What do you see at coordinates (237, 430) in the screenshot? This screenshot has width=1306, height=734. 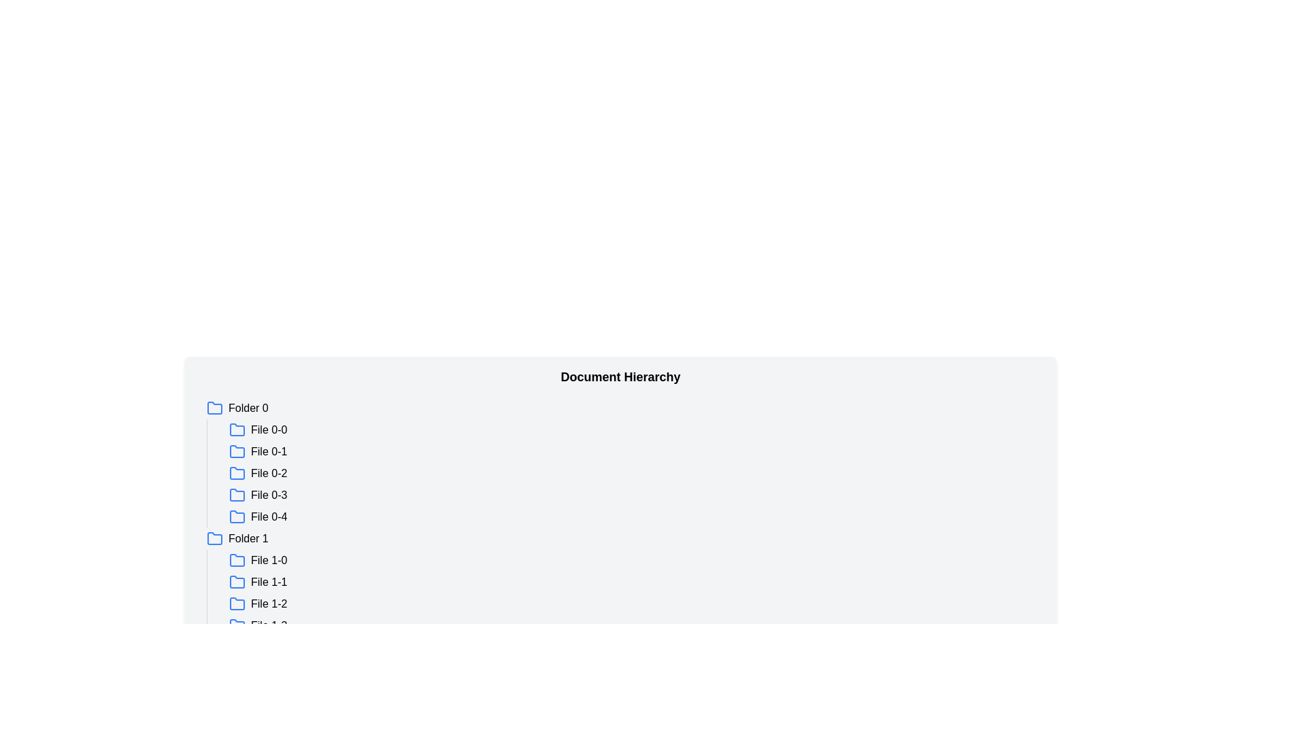 I see `the folder icon styled with a blue outline and a white inner area, which is positioned to the left of the text 'File 0-0'` at bounding box center [237, 430].